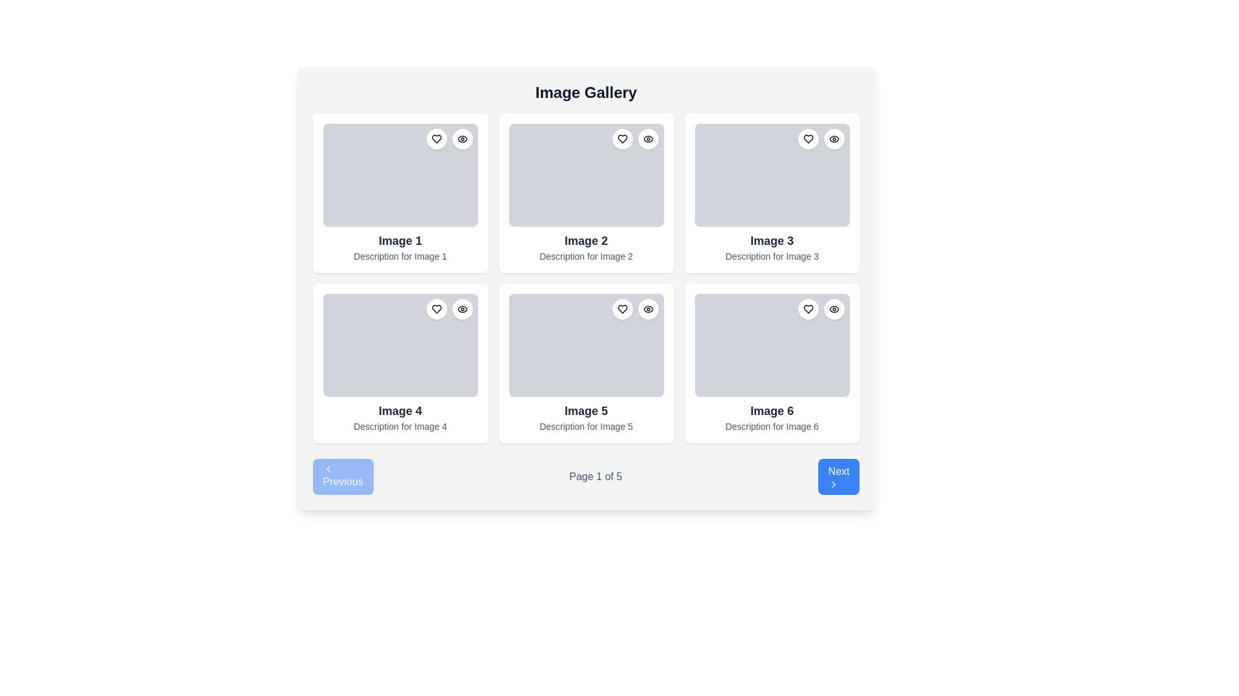 This screenshot has width=1239, height=696. Describe the element at coordinates (807, 309) in the screenshot. I see `the like/favorite icon located in the top-right corner of 'Image 6'` at that location.